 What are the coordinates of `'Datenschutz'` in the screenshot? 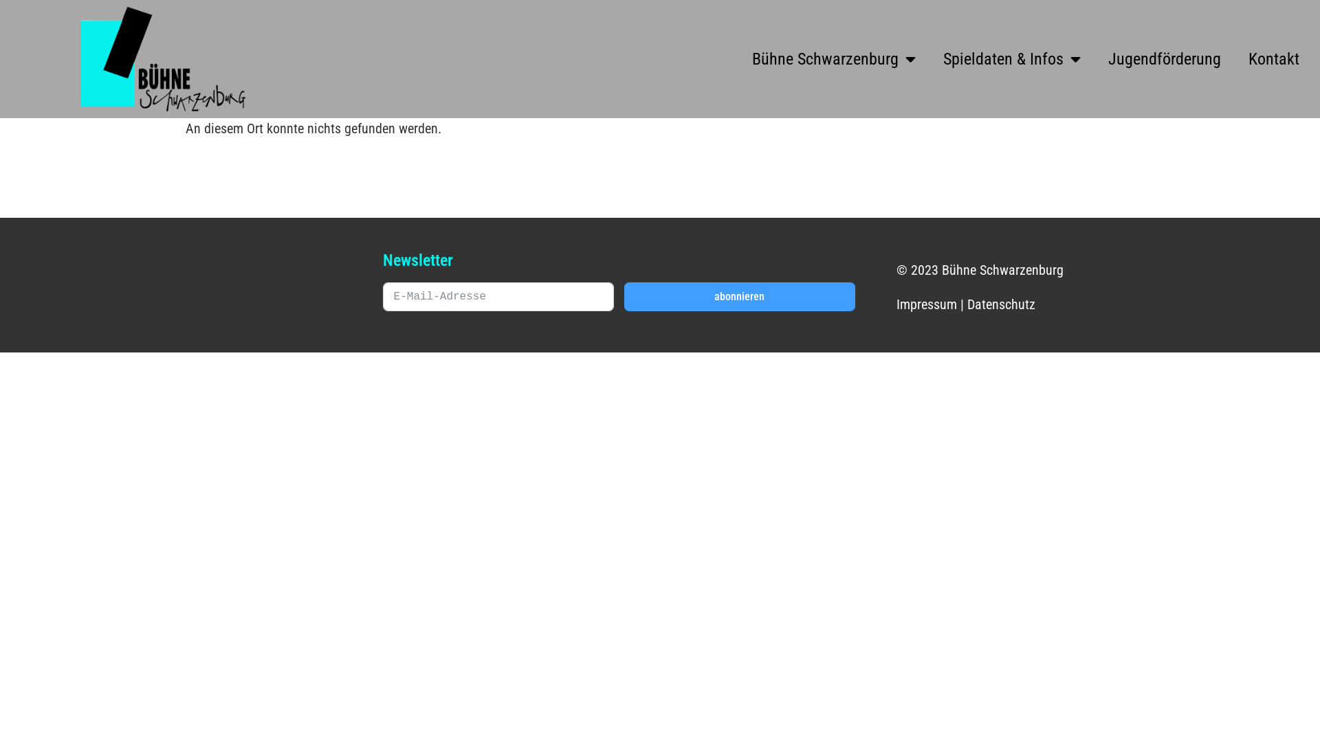 It's located at (1001, 304).